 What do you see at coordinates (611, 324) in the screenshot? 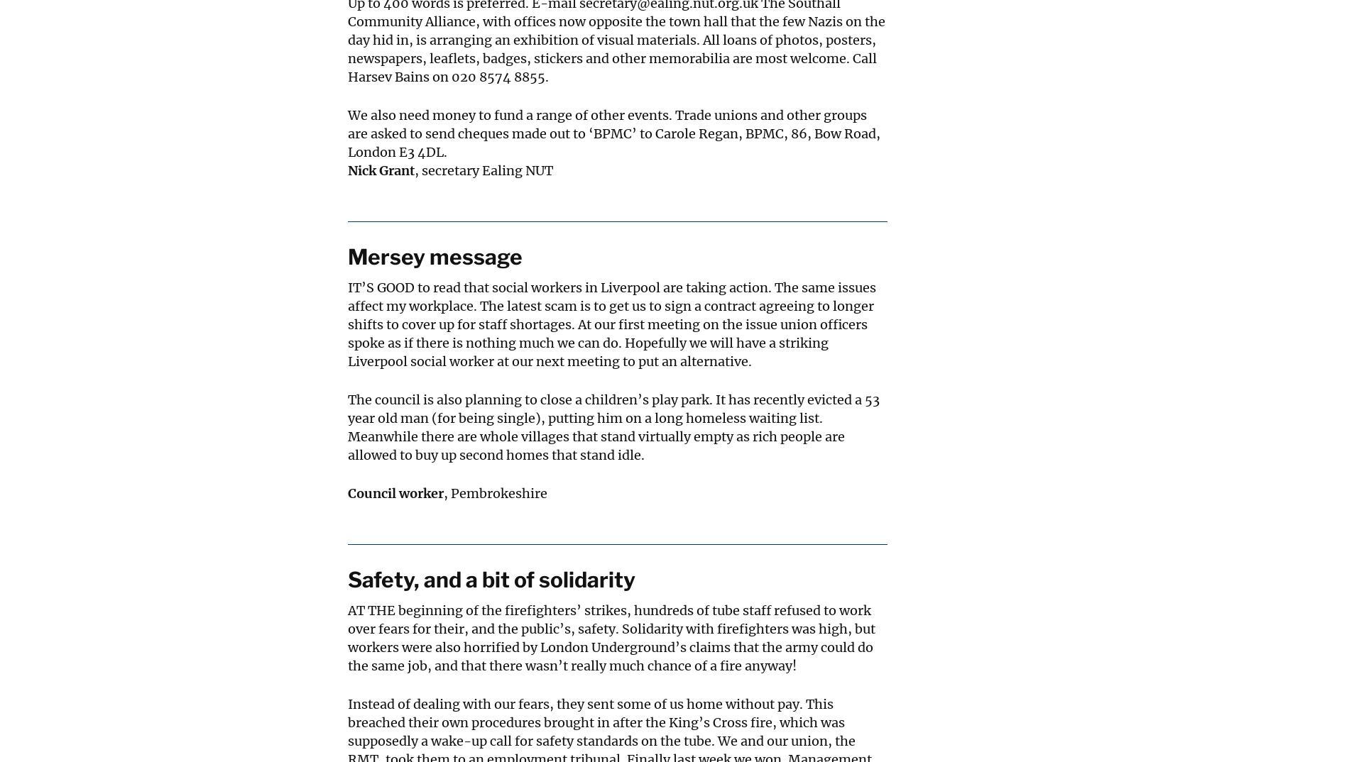
I see `'IT’S GOOD to read that social workers in Liverpool are taking action. The same issues affect my workplace. The latest scam is to get us to sign a contract agreeing to longer shifts to cover up for staff shortages. At our first meeting on the issue union officers spoke as if there is nothing much we can do. Hopefully we will have a striking Liverpool social worker at our next meeting to put an alternative.'` at bounding box center [611, 324].